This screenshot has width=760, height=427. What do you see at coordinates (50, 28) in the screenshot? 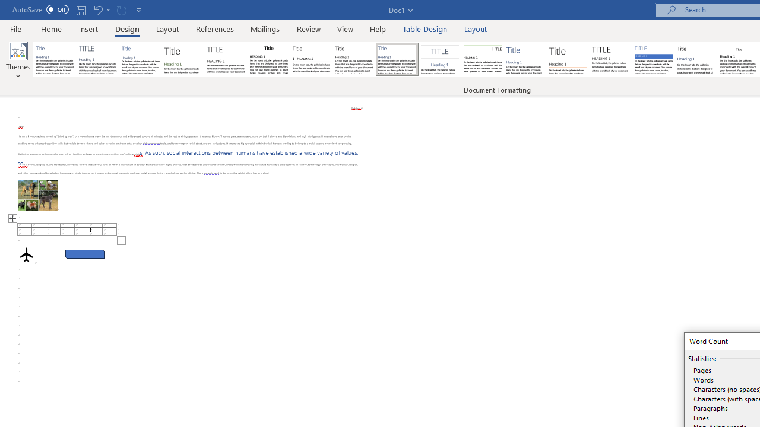
I see `'Home'` at bounding box center [50, 28].